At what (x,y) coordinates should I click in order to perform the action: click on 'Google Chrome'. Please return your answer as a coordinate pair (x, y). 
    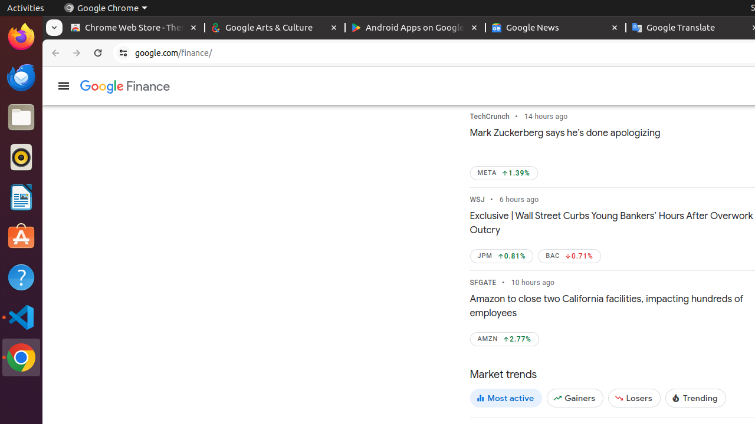
    Looking at the image, I should click on (105, 8).